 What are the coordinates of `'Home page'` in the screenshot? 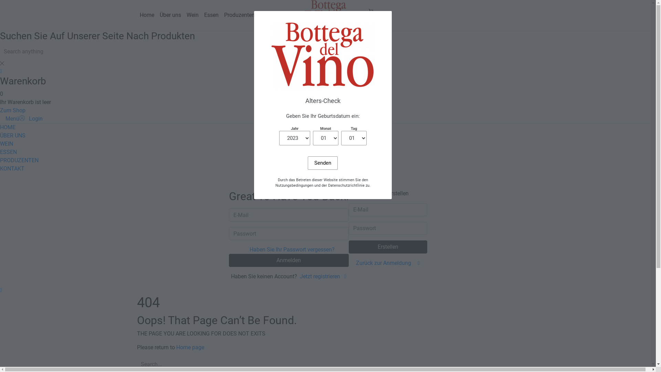 It's located at (176, 347).